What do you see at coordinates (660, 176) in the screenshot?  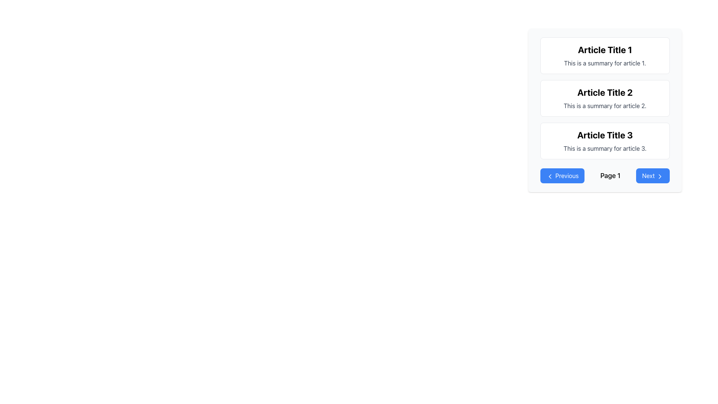 I see `the Chevron icon located adjacent to the 'Next' button, serving as a navigational control arrow` at bounding box center [660, 176].